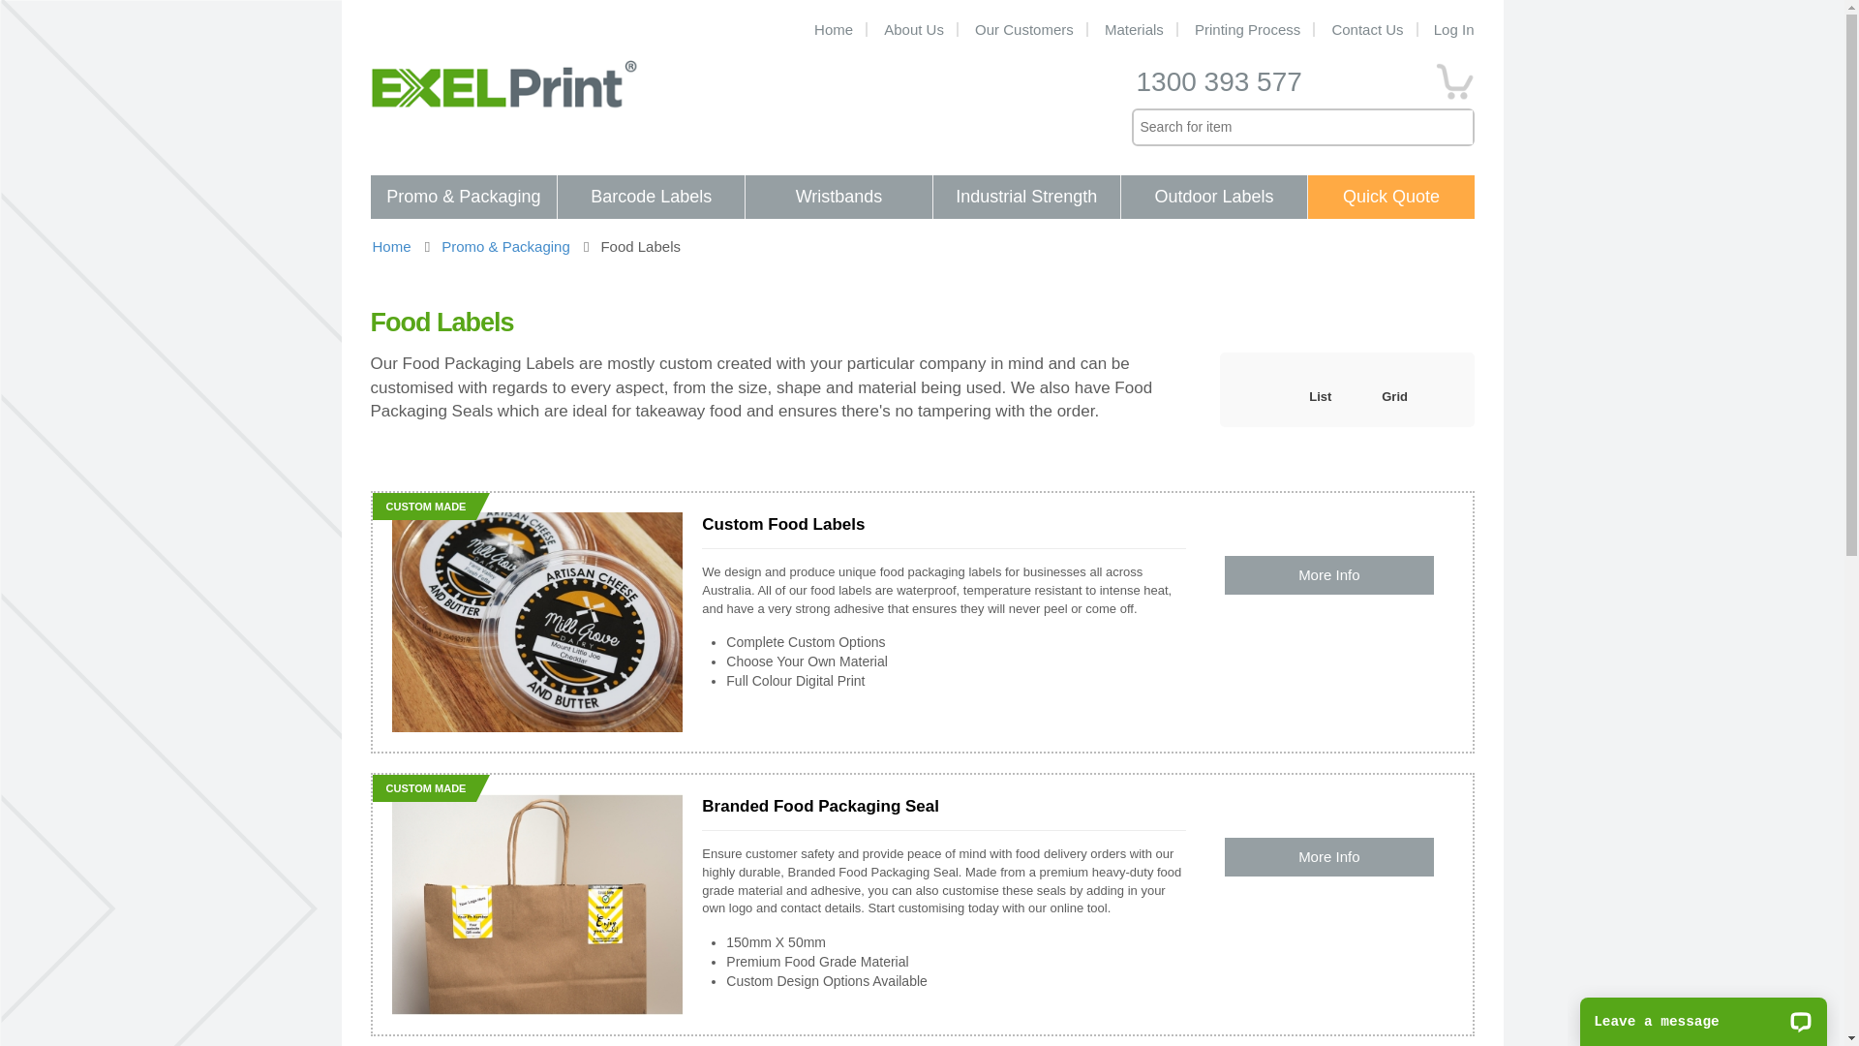  What do you see at coordinates (1024, 29) in the screenshot?
I see `'Our Customers'` at bounding box center [1024, 29].